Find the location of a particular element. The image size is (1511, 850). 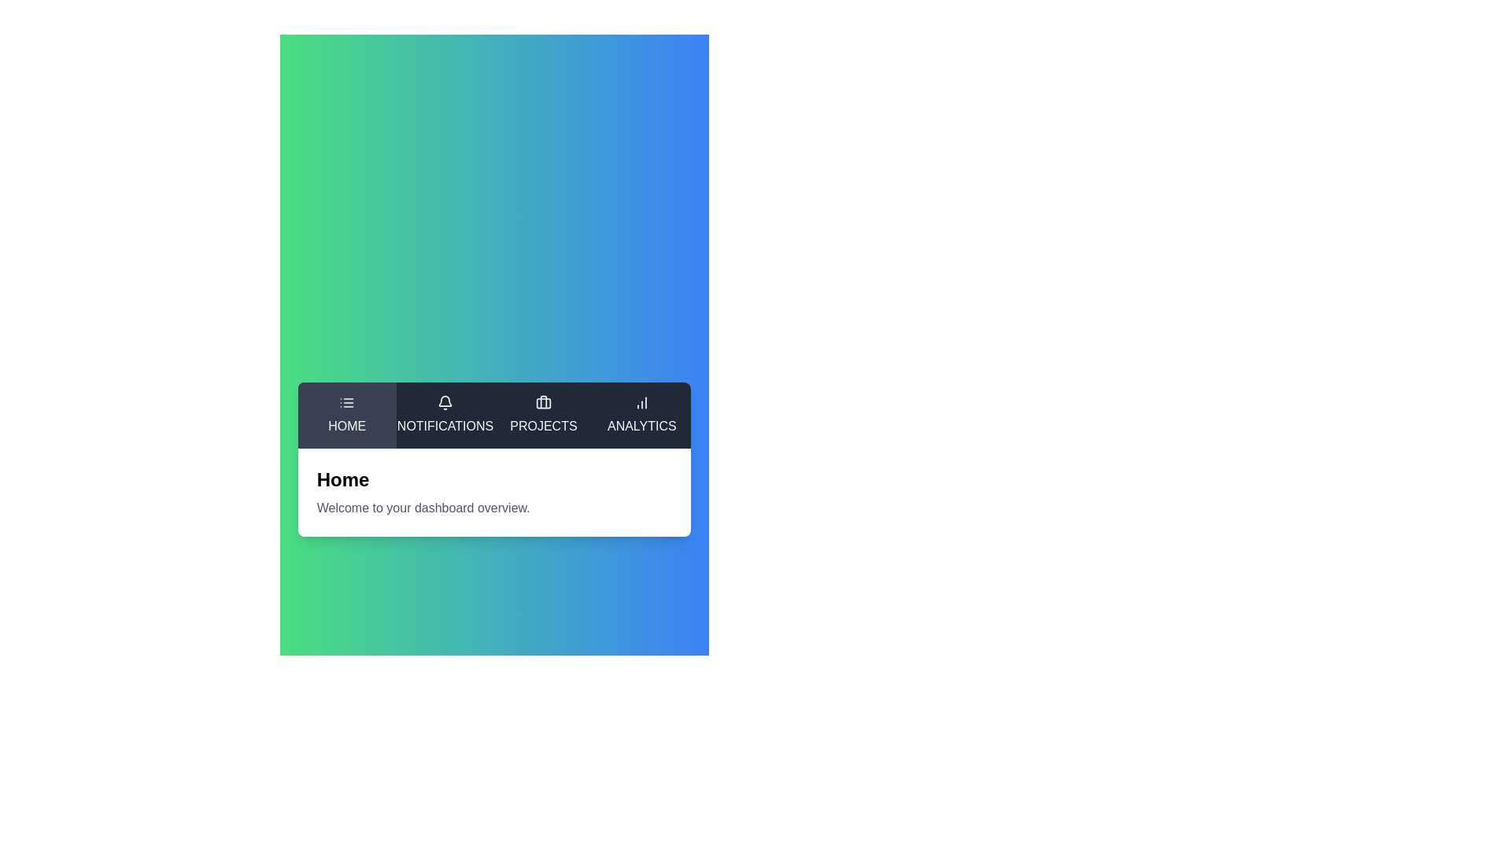

the tab labeled Projects to switch to it is located at coordinates (544, 415).